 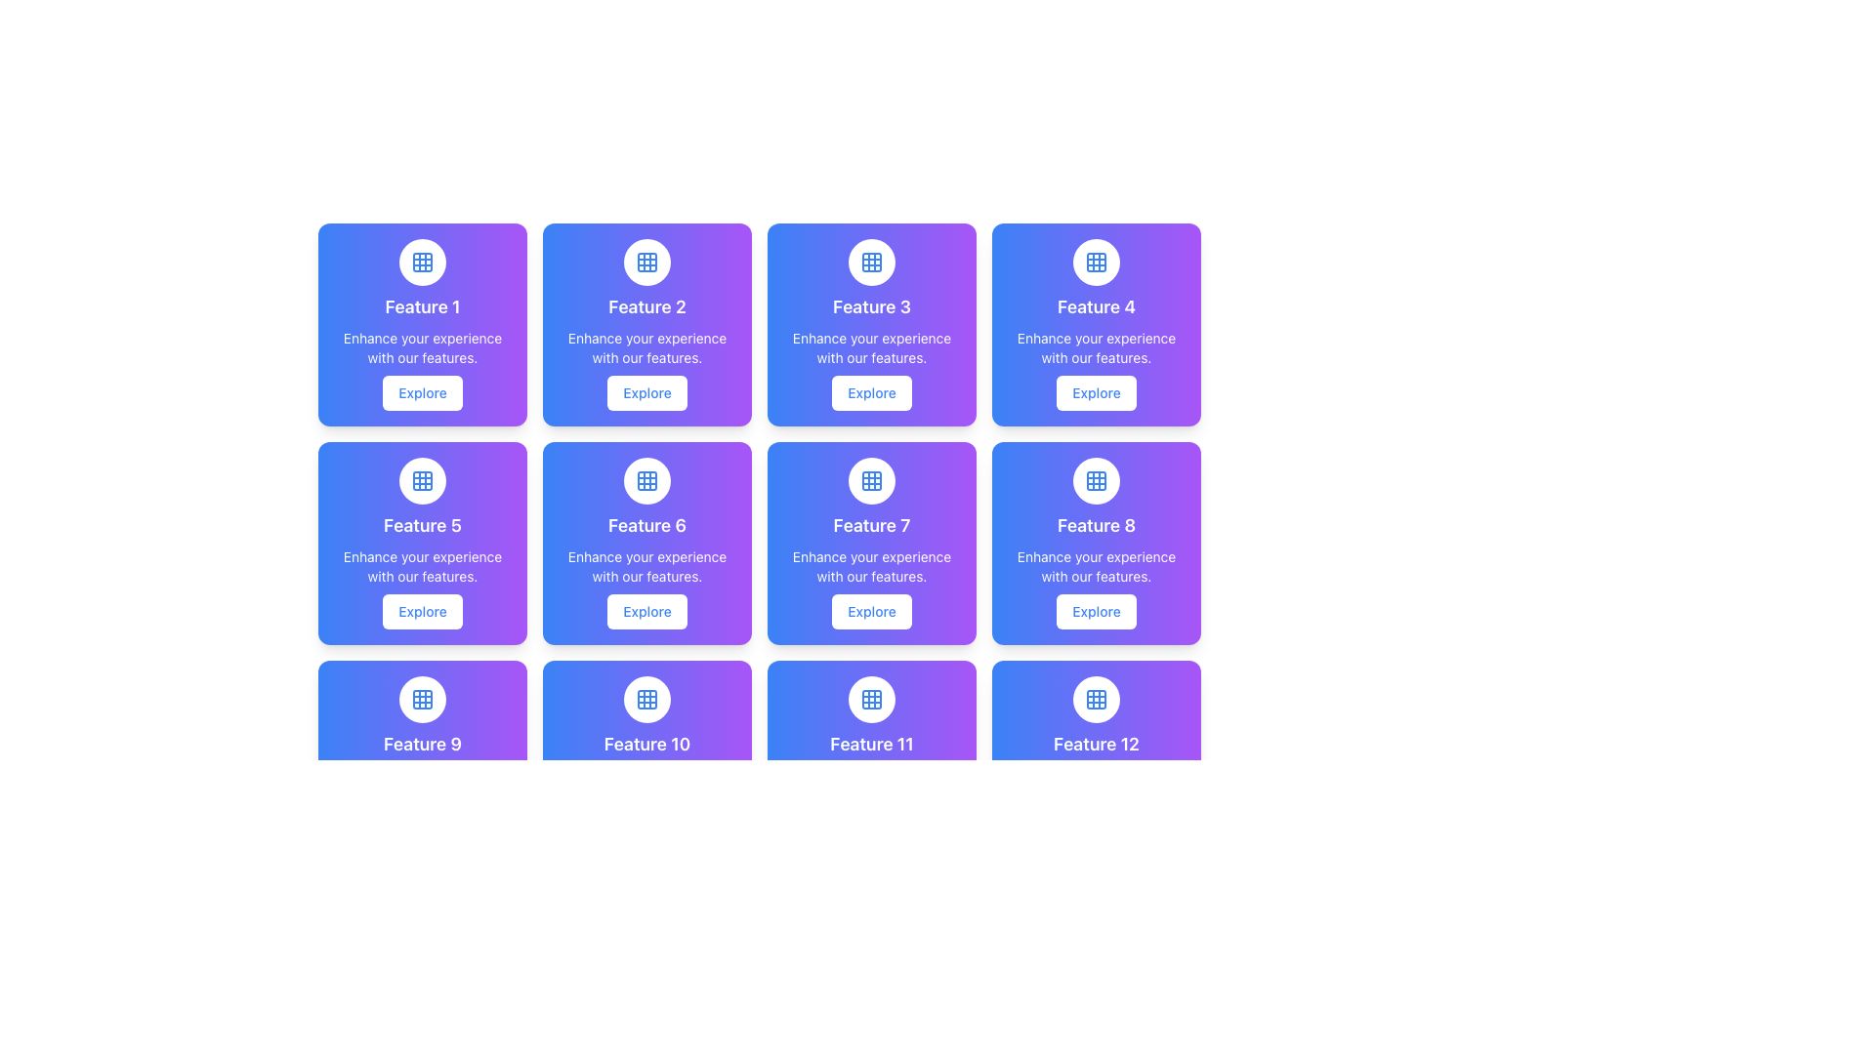 What do you see at coordinates (870, 347) in the screenshot?
I see `the Text Label that provides a descriptive tagline for 'Feature 3', located underneath the title and above the 'Explore' button` at bounding box center [870, 347].